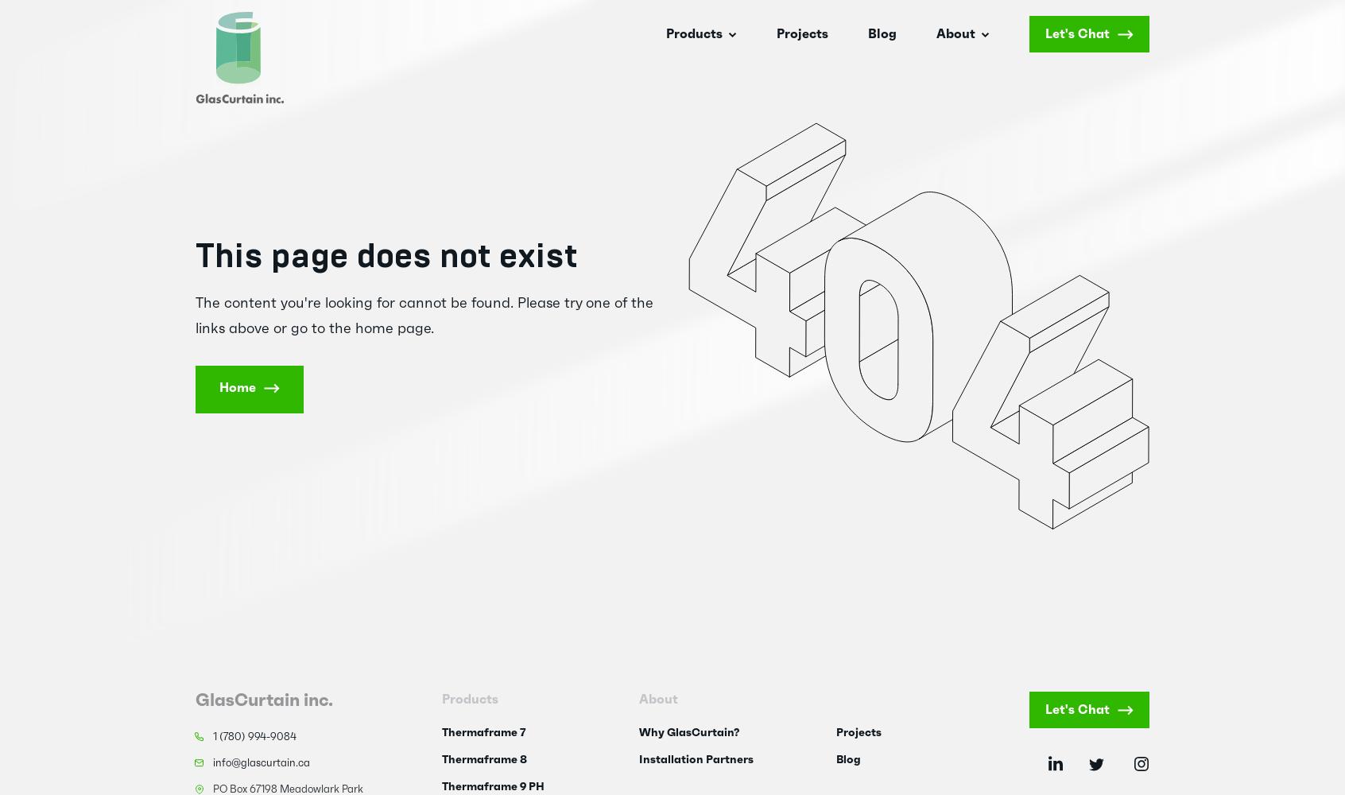 This screenshot has width=1345, height=795. What do you see at coordinates (386, 255) in the screenshot?
I see `'This page does not exist'` at bounding box center [386, 255].